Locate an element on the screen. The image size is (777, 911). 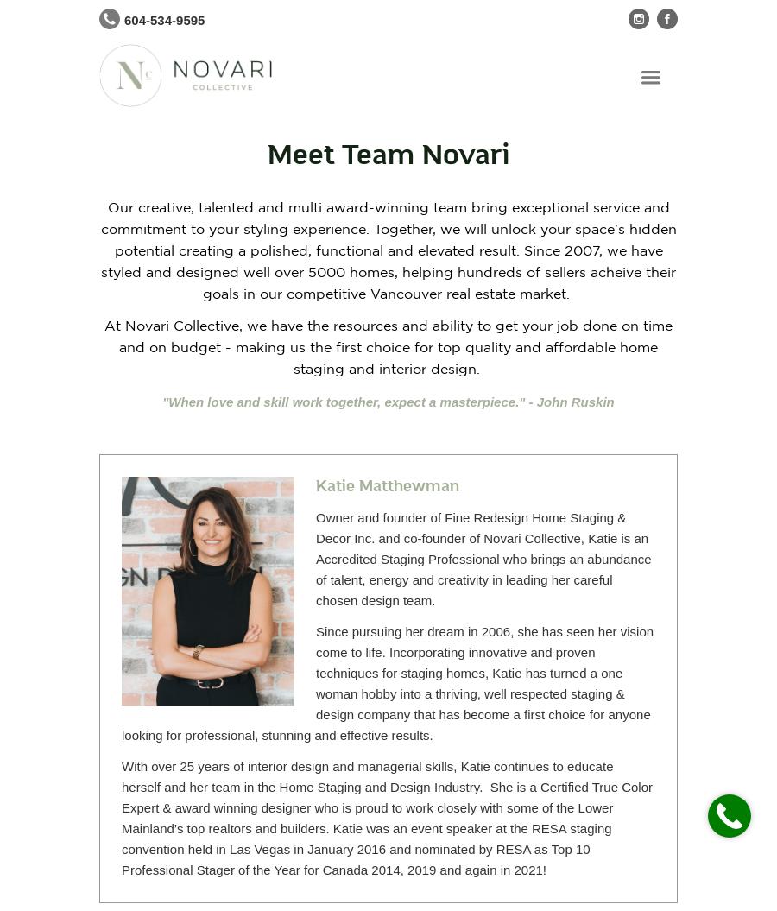
'"When love and skill work together, expect a masterpiece." - John Ruskin' is located at coordinates (388, 401).